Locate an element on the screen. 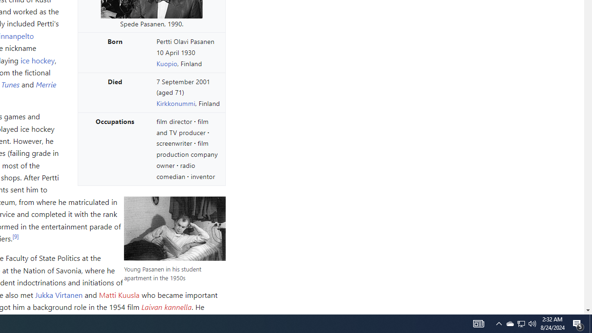  '[9]' is located at coordinates (15, 235).